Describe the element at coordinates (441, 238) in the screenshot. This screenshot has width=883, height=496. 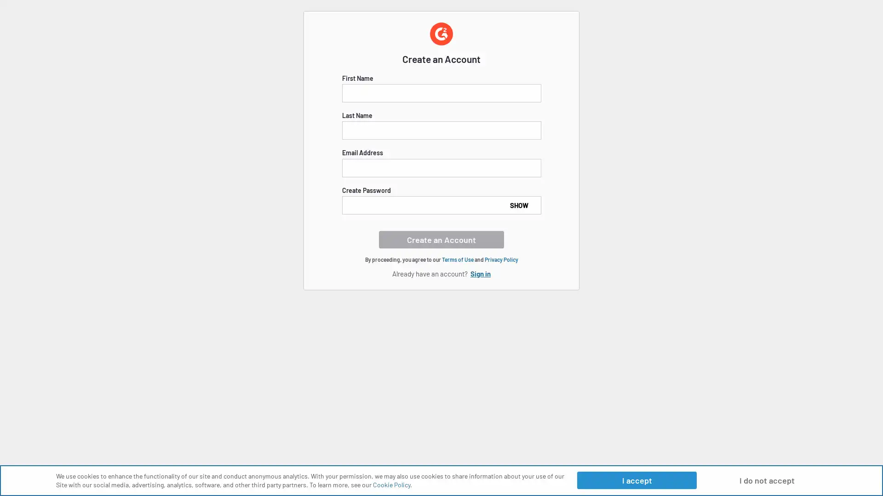
I see `Create an Account` at that location.